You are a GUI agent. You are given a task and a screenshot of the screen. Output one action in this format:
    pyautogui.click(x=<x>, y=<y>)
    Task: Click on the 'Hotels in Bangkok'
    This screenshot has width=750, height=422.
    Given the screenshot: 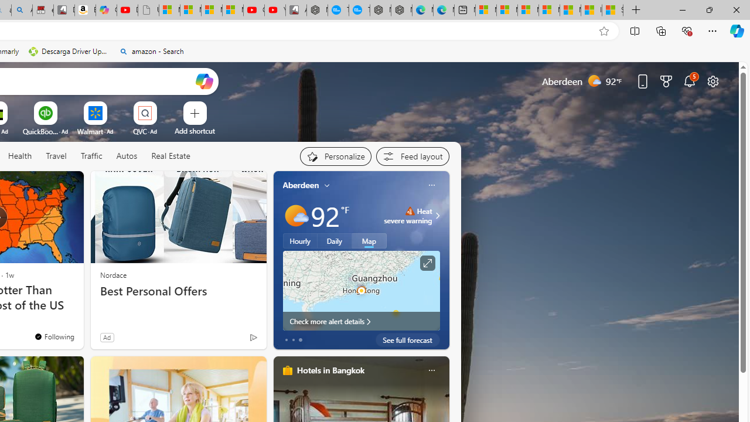 What is the action you would take?
    pyautogui.click(x=329, y=370)
    